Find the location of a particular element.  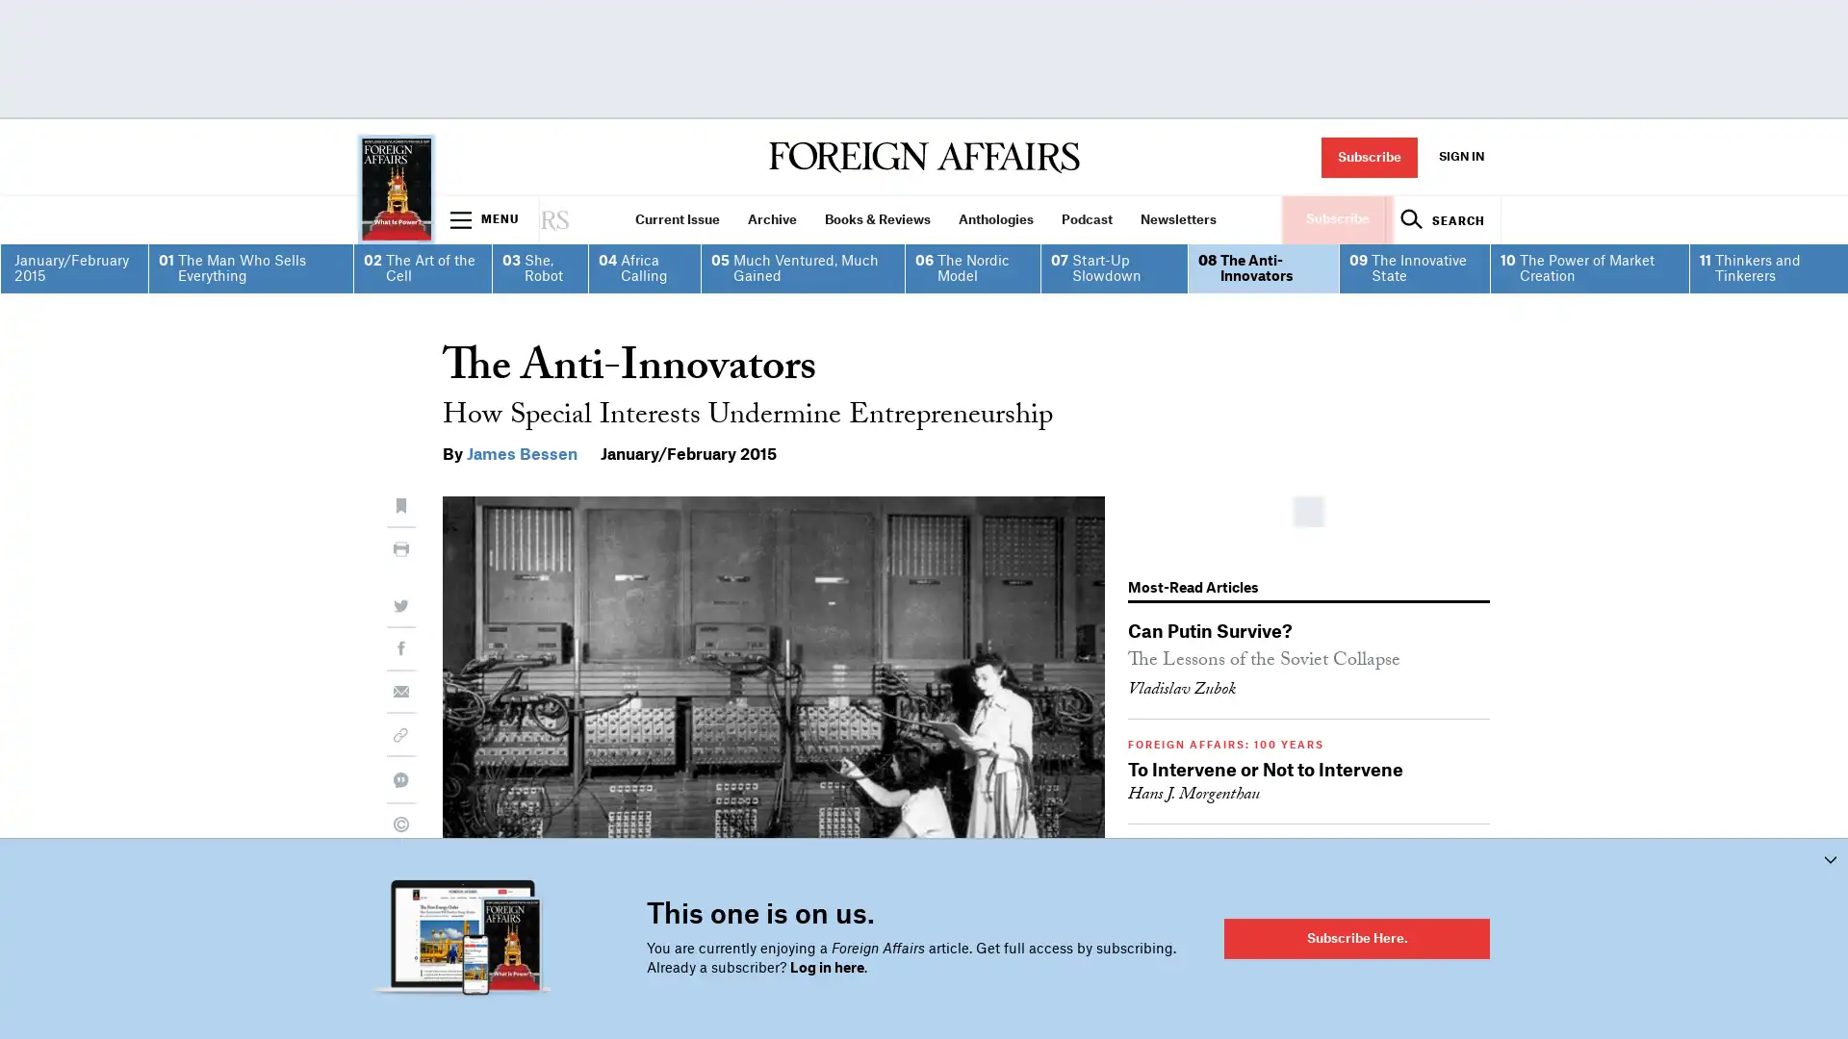

Books & Reviews is located at coordinates (876, 218).